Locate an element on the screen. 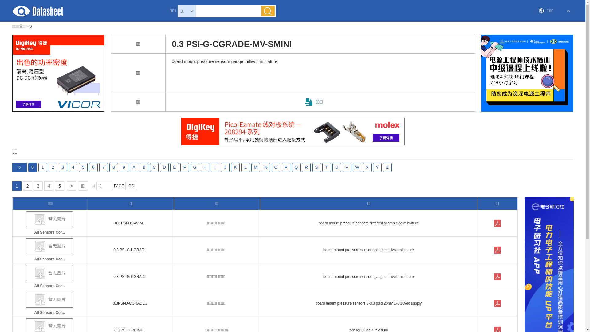 The width and height of the screenshot is (590, 332). 'Q' is located at coordinates (292, 167).